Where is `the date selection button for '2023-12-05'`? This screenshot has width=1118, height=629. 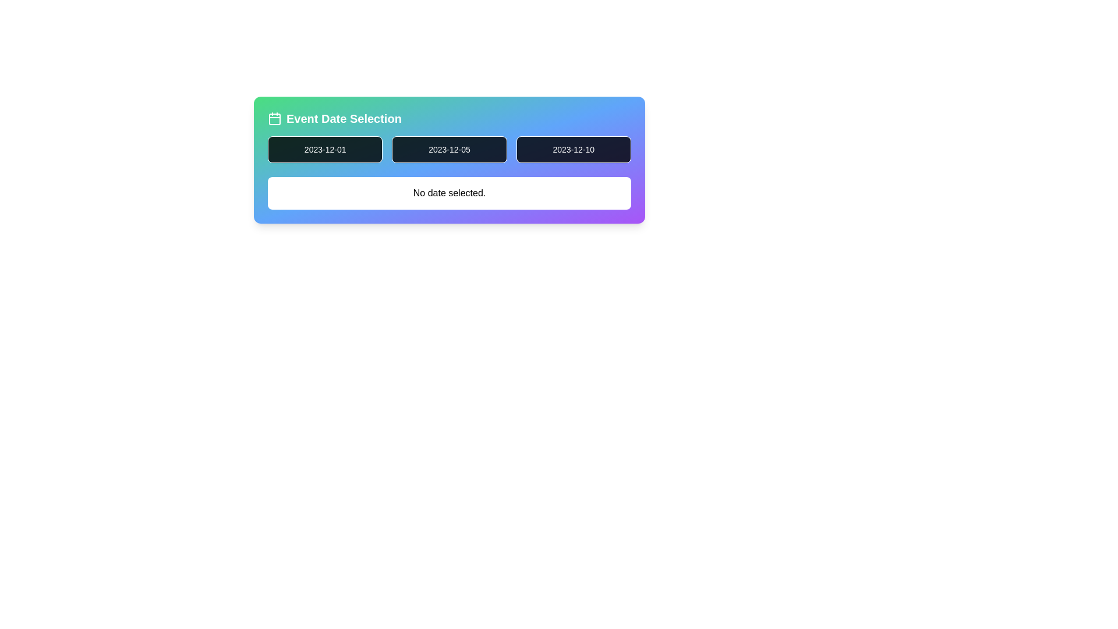 the date selection button for '2023-12-05' is located at coordinates (449, 160).